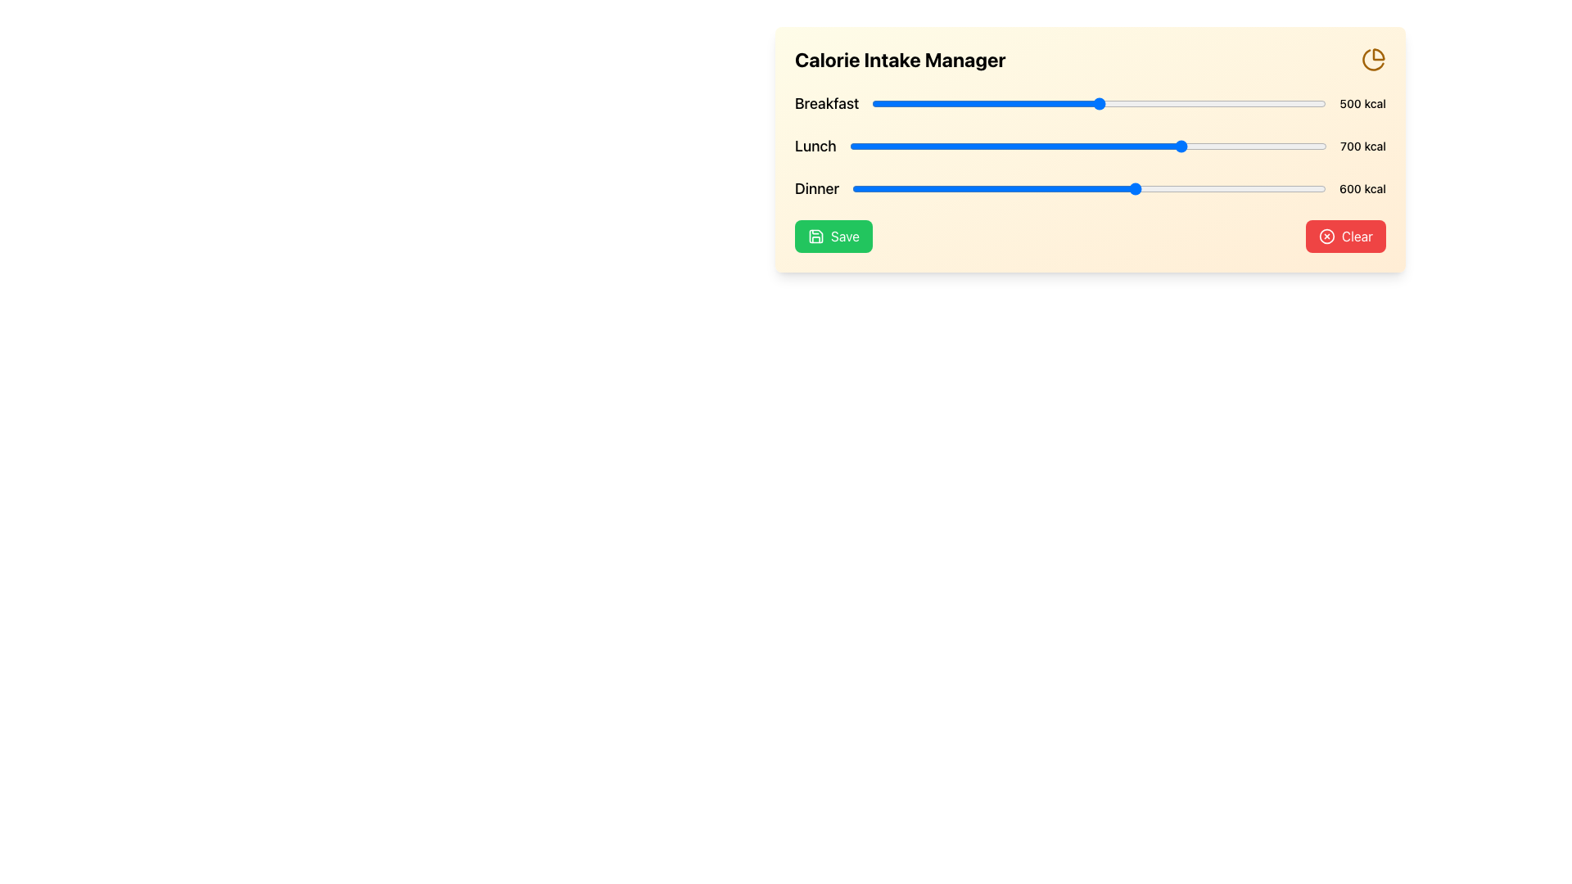 This screenshot has width=1572, height=884. I want to click on the clear/reset button located at the bottom-right corner of the interface, adjacent to the 'Save' button, so click(1345, 237).